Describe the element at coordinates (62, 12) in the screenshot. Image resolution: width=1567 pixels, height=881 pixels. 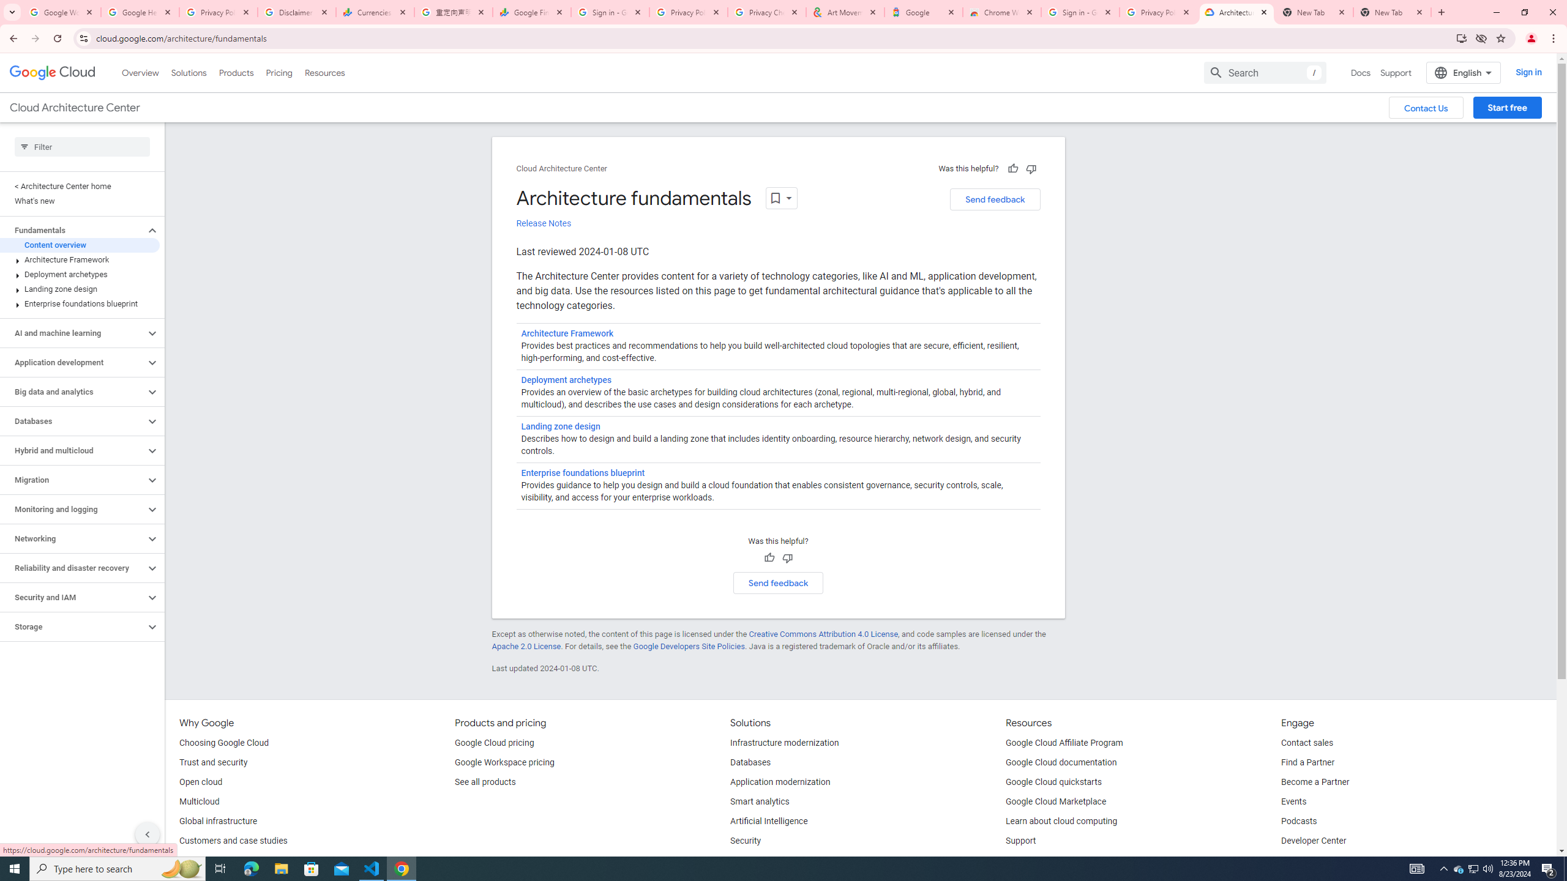
I see `'Google Workspace Admin Community'` at that location.